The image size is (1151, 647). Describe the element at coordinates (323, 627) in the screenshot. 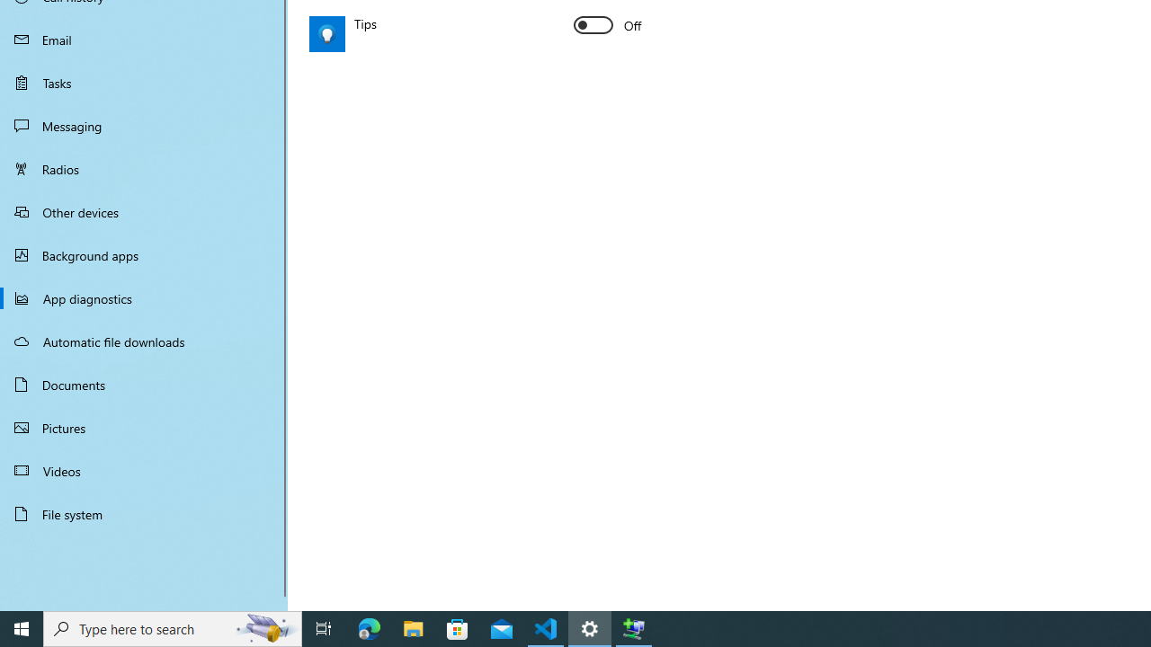

I see `'Task View'` at that location.